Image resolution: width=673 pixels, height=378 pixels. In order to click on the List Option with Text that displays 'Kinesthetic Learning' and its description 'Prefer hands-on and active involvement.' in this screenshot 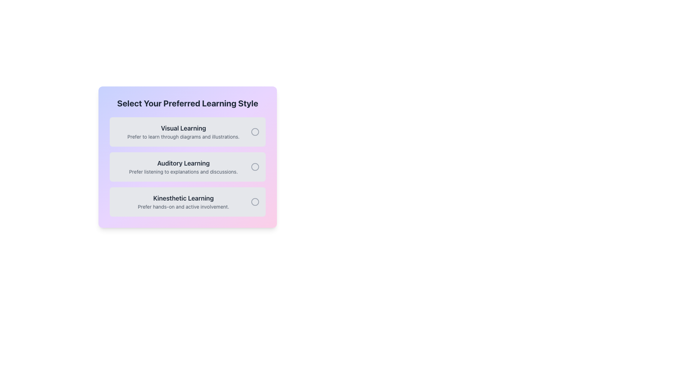, I will do `click(183, 202)`.